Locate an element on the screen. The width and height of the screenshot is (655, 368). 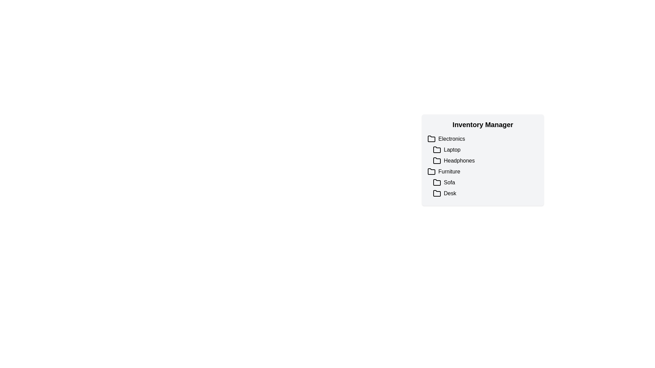
the folder icon located to the left of the 'Laptop' label in the Inventory Manager menu is located at coordinates (437, 149).